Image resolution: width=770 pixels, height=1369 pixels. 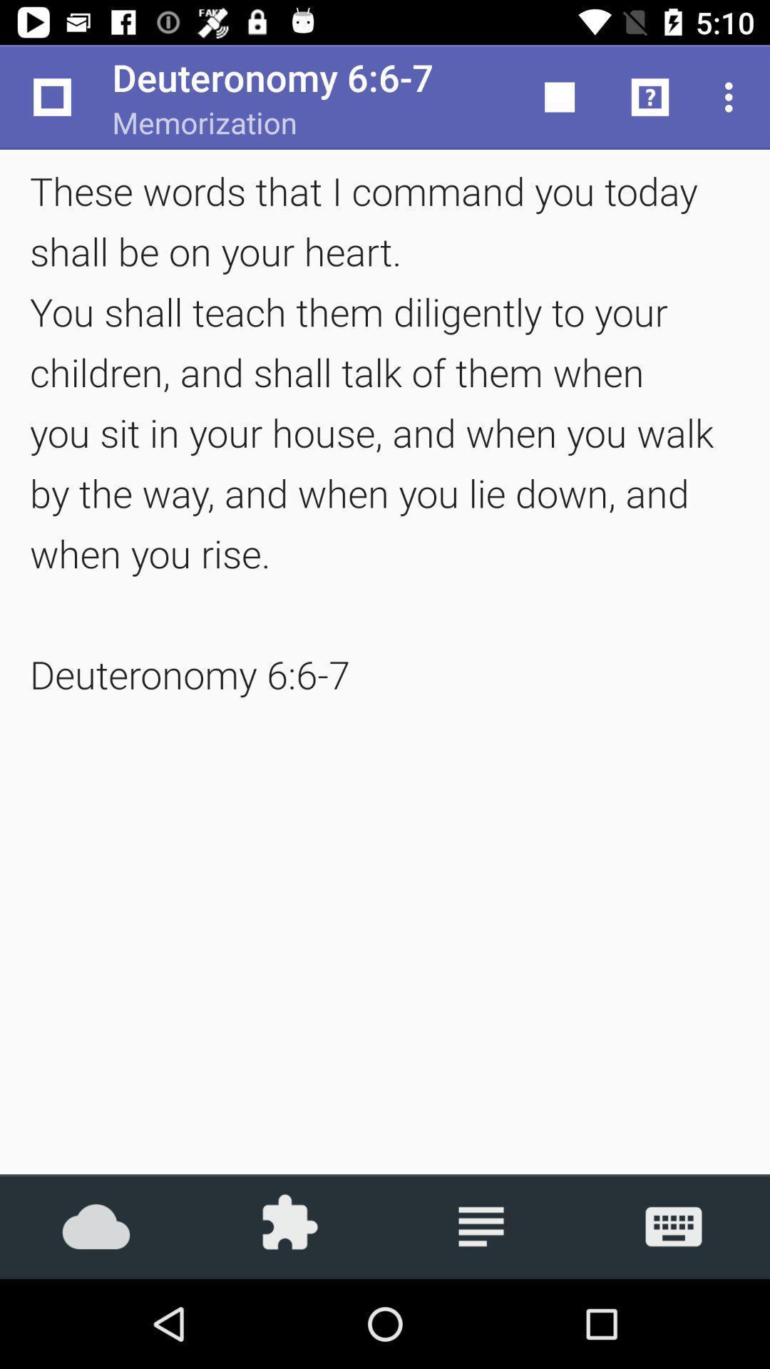 What do you see at coordinates (289, 1226) in the screenshot?
I see `the icon which is beside the cloud icon` at bounding box center [289, 1226].